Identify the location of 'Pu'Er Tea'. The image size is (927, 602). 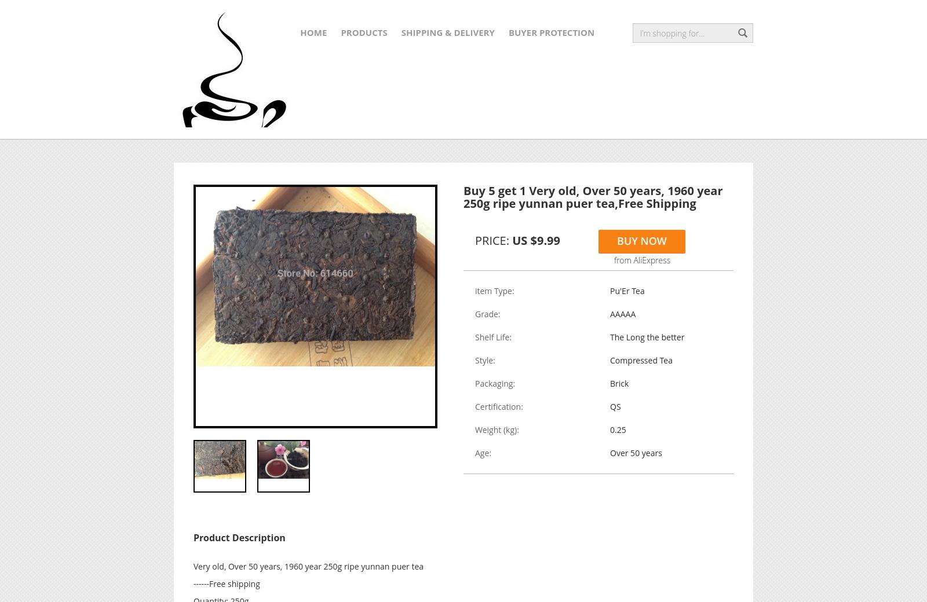
(627, 290).